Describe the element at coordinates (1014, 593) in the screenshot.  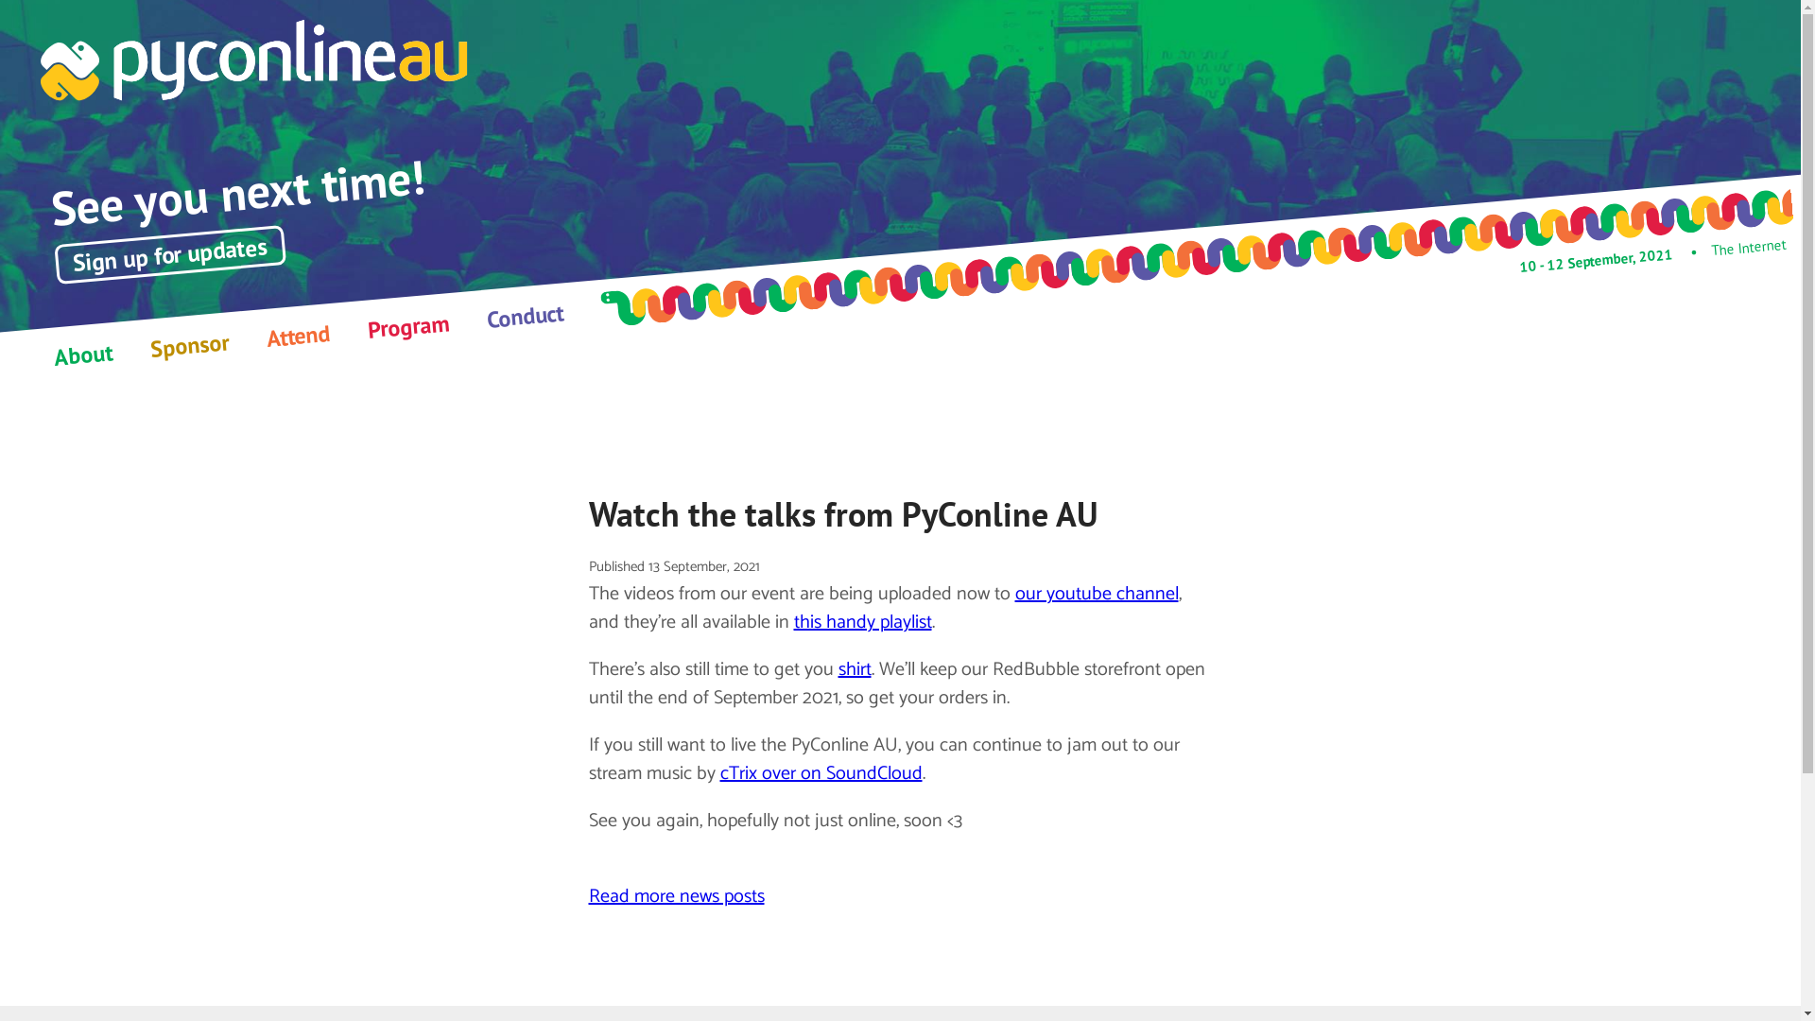
I see `'our youtube channel'` at that location.